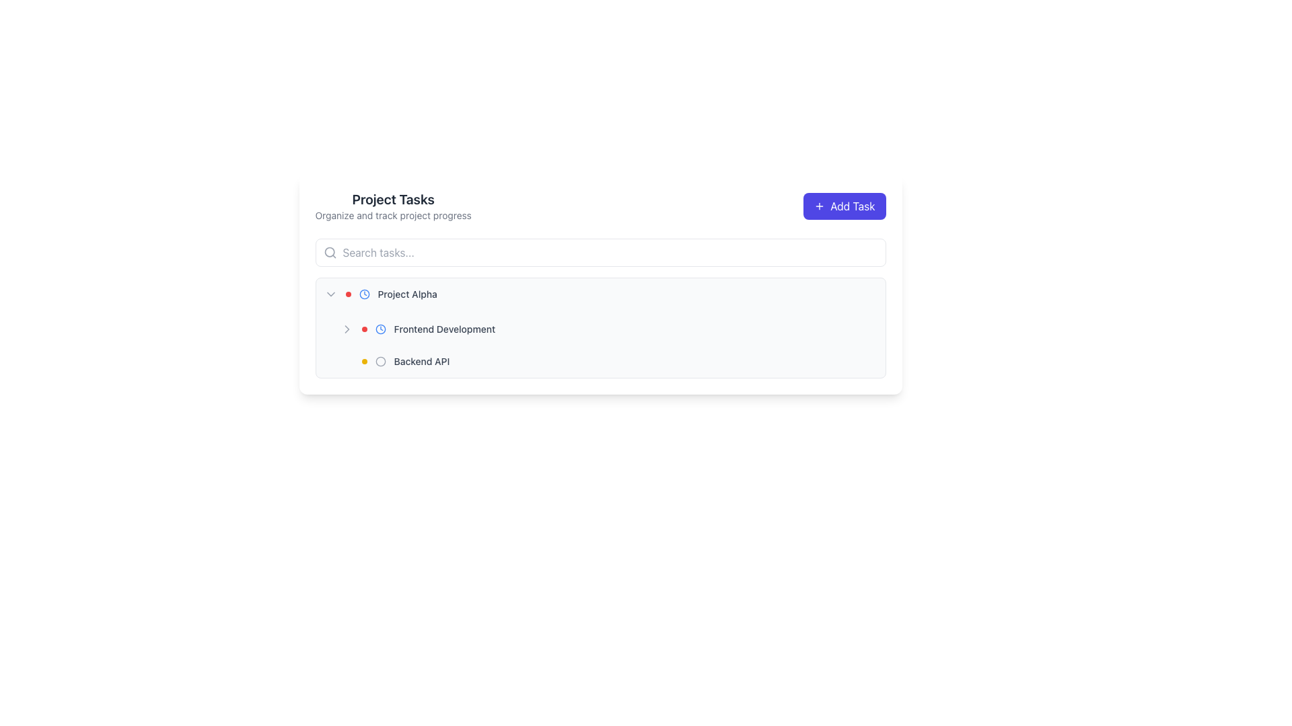 This screenshot has height=726, width=1292. I want to click on the 'Add Task' button to interact with the decorative icon indicating the action of adding a task, so click(819, 206).